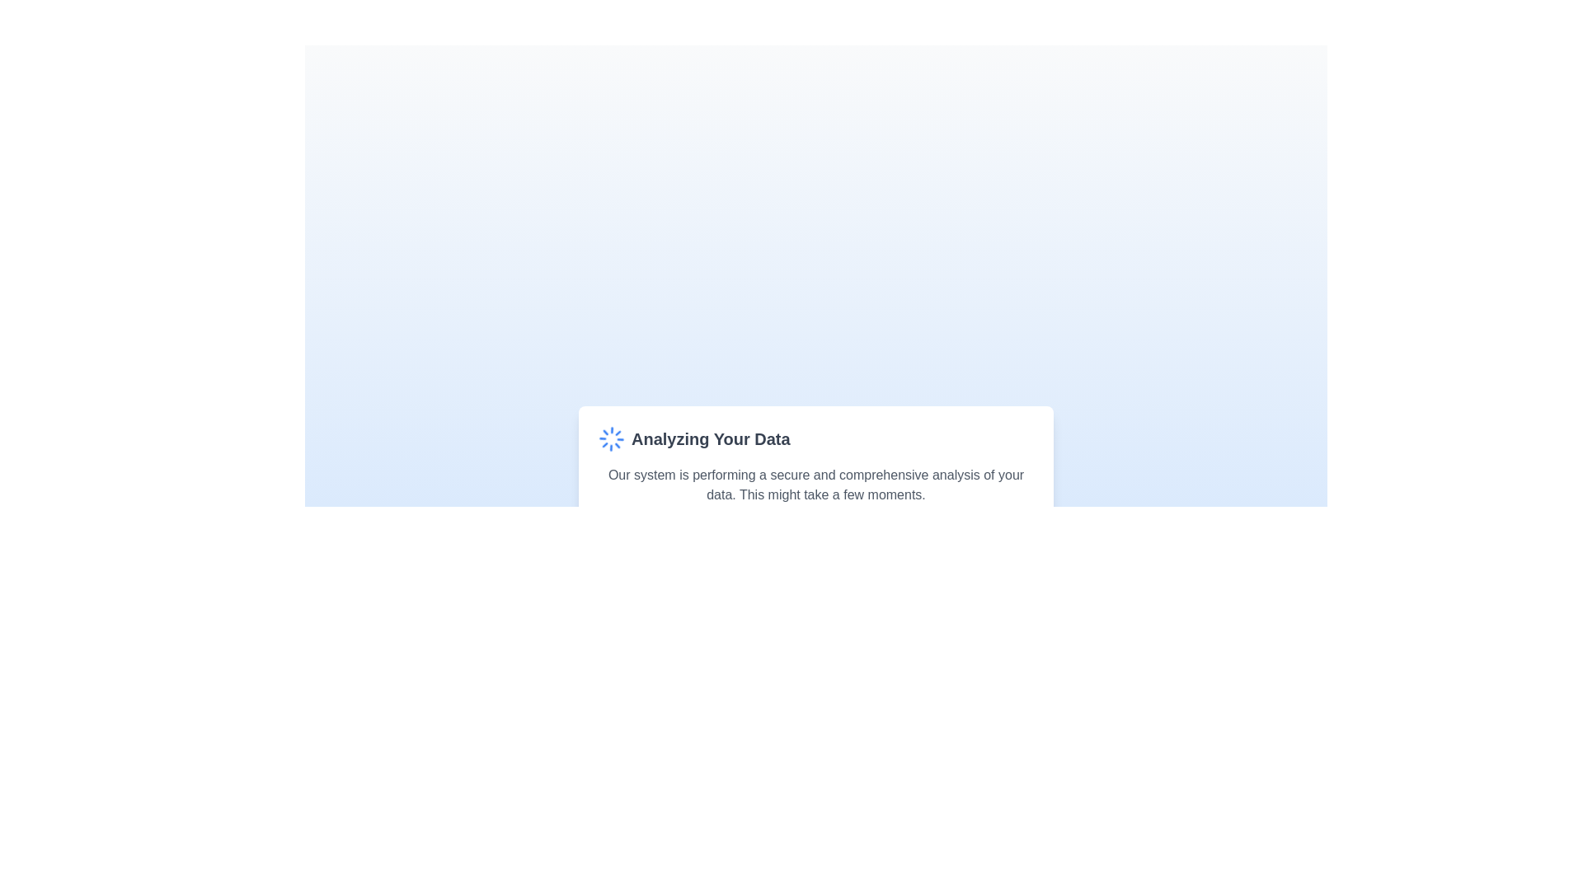 The image size is (1583, 890). Describe the element at coordinates (711, 438) in the screenshot. I see `the text label reading 'Analyzing Your Data', which is styled with a large, bold, gray font and is centrally located in the interface` at that location.